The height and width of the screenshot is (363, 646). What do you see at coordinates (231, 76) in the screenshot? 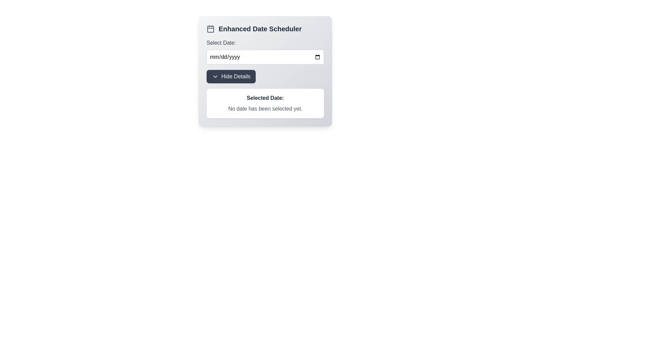
I see `the rectangular button with a dark gray background and white text reading 'Hide Details', located beneath the date input field in the 'Enhanced Date Scheduler' panel` at bounding box center [231, 76].